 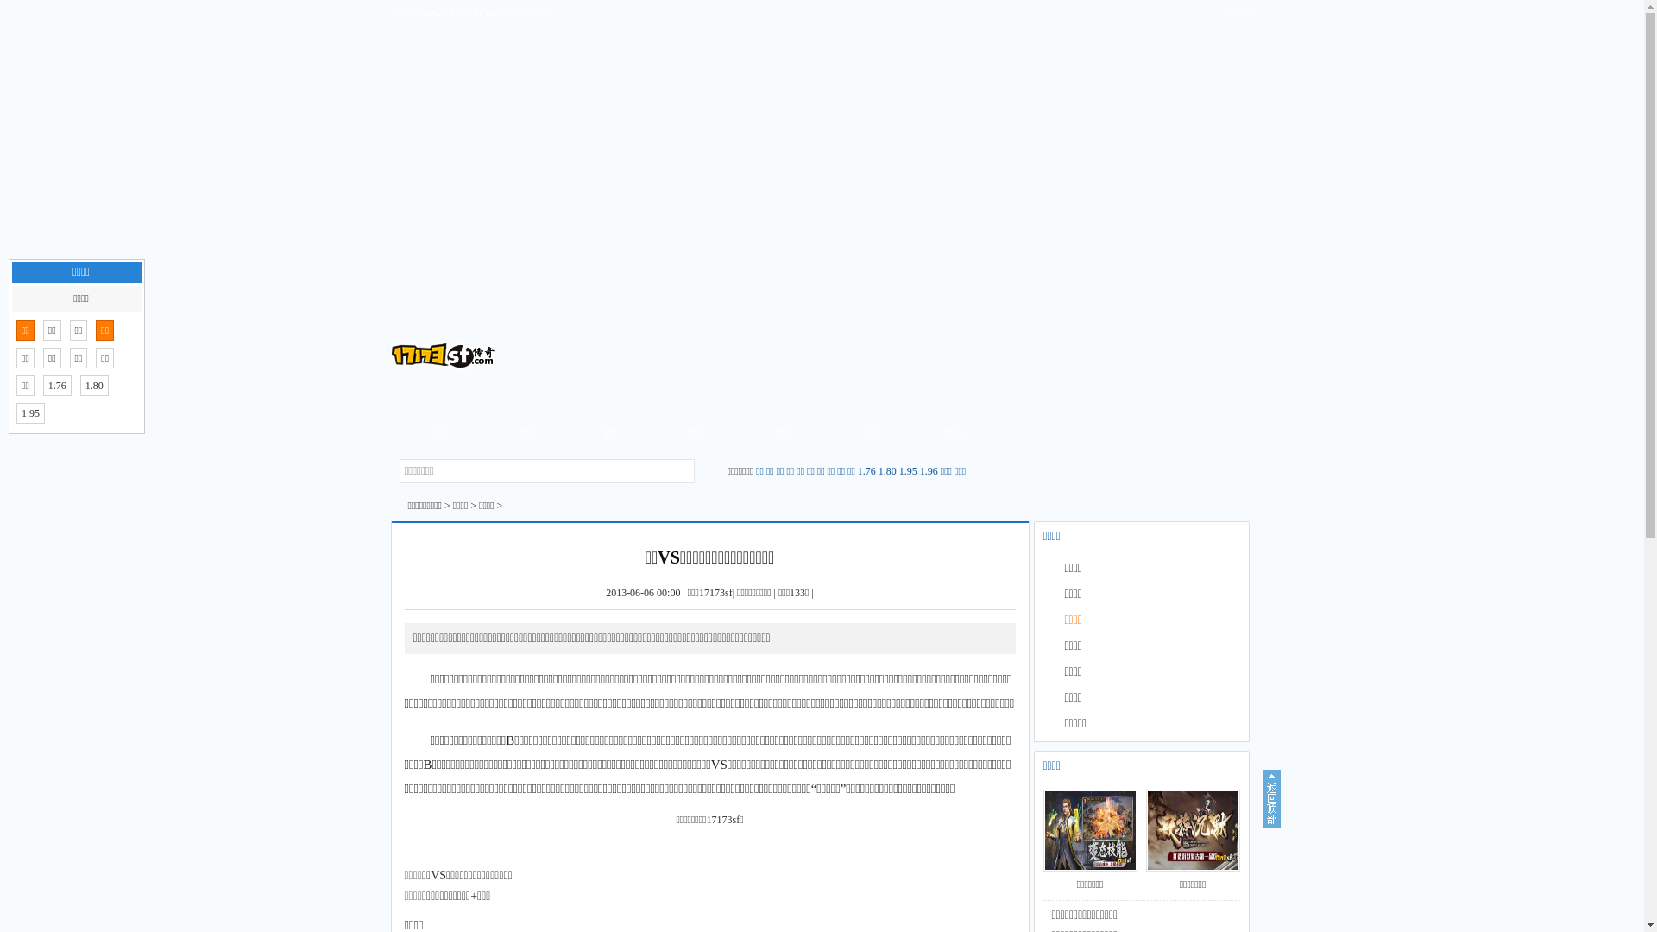 I want to click on '1.95', so click(x=907, y=471).